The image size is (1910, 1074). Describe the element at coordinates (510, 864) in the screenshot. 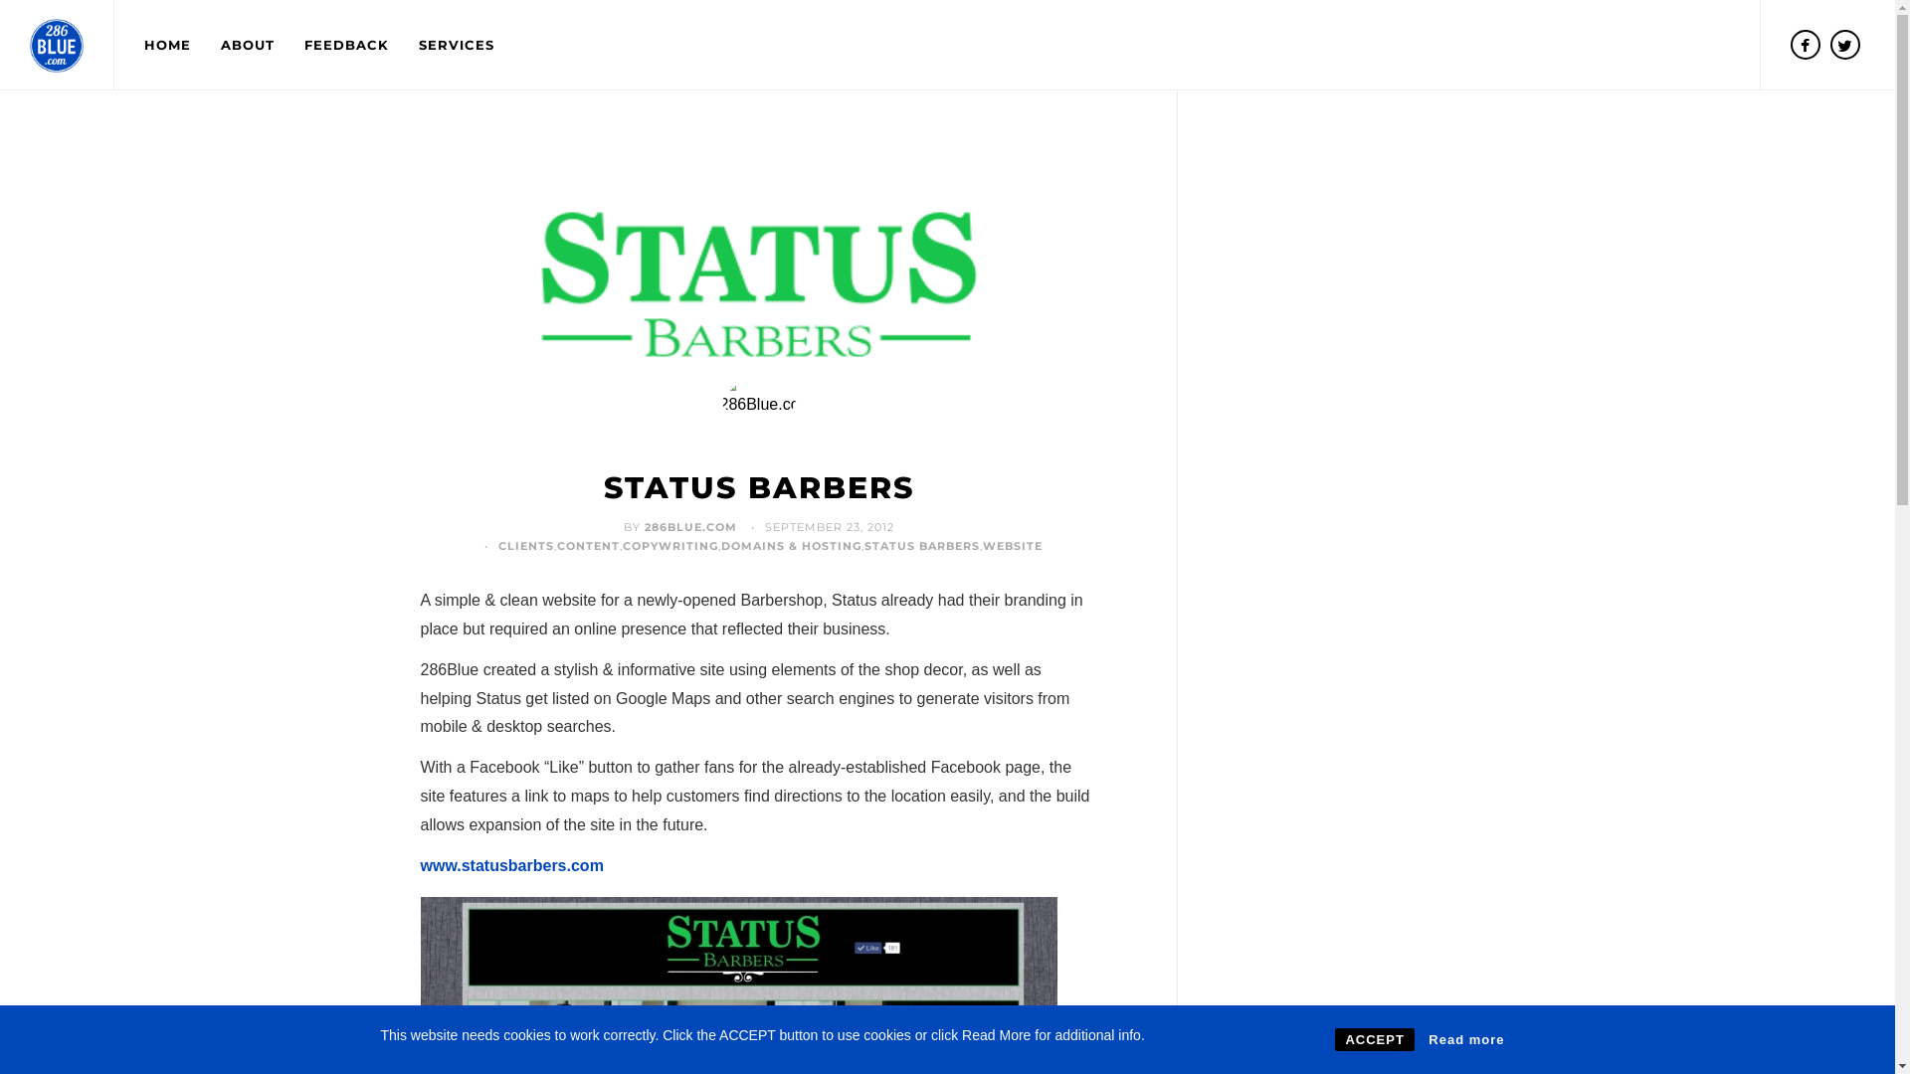

I see `'www.statusbarbers.com'` at that location.